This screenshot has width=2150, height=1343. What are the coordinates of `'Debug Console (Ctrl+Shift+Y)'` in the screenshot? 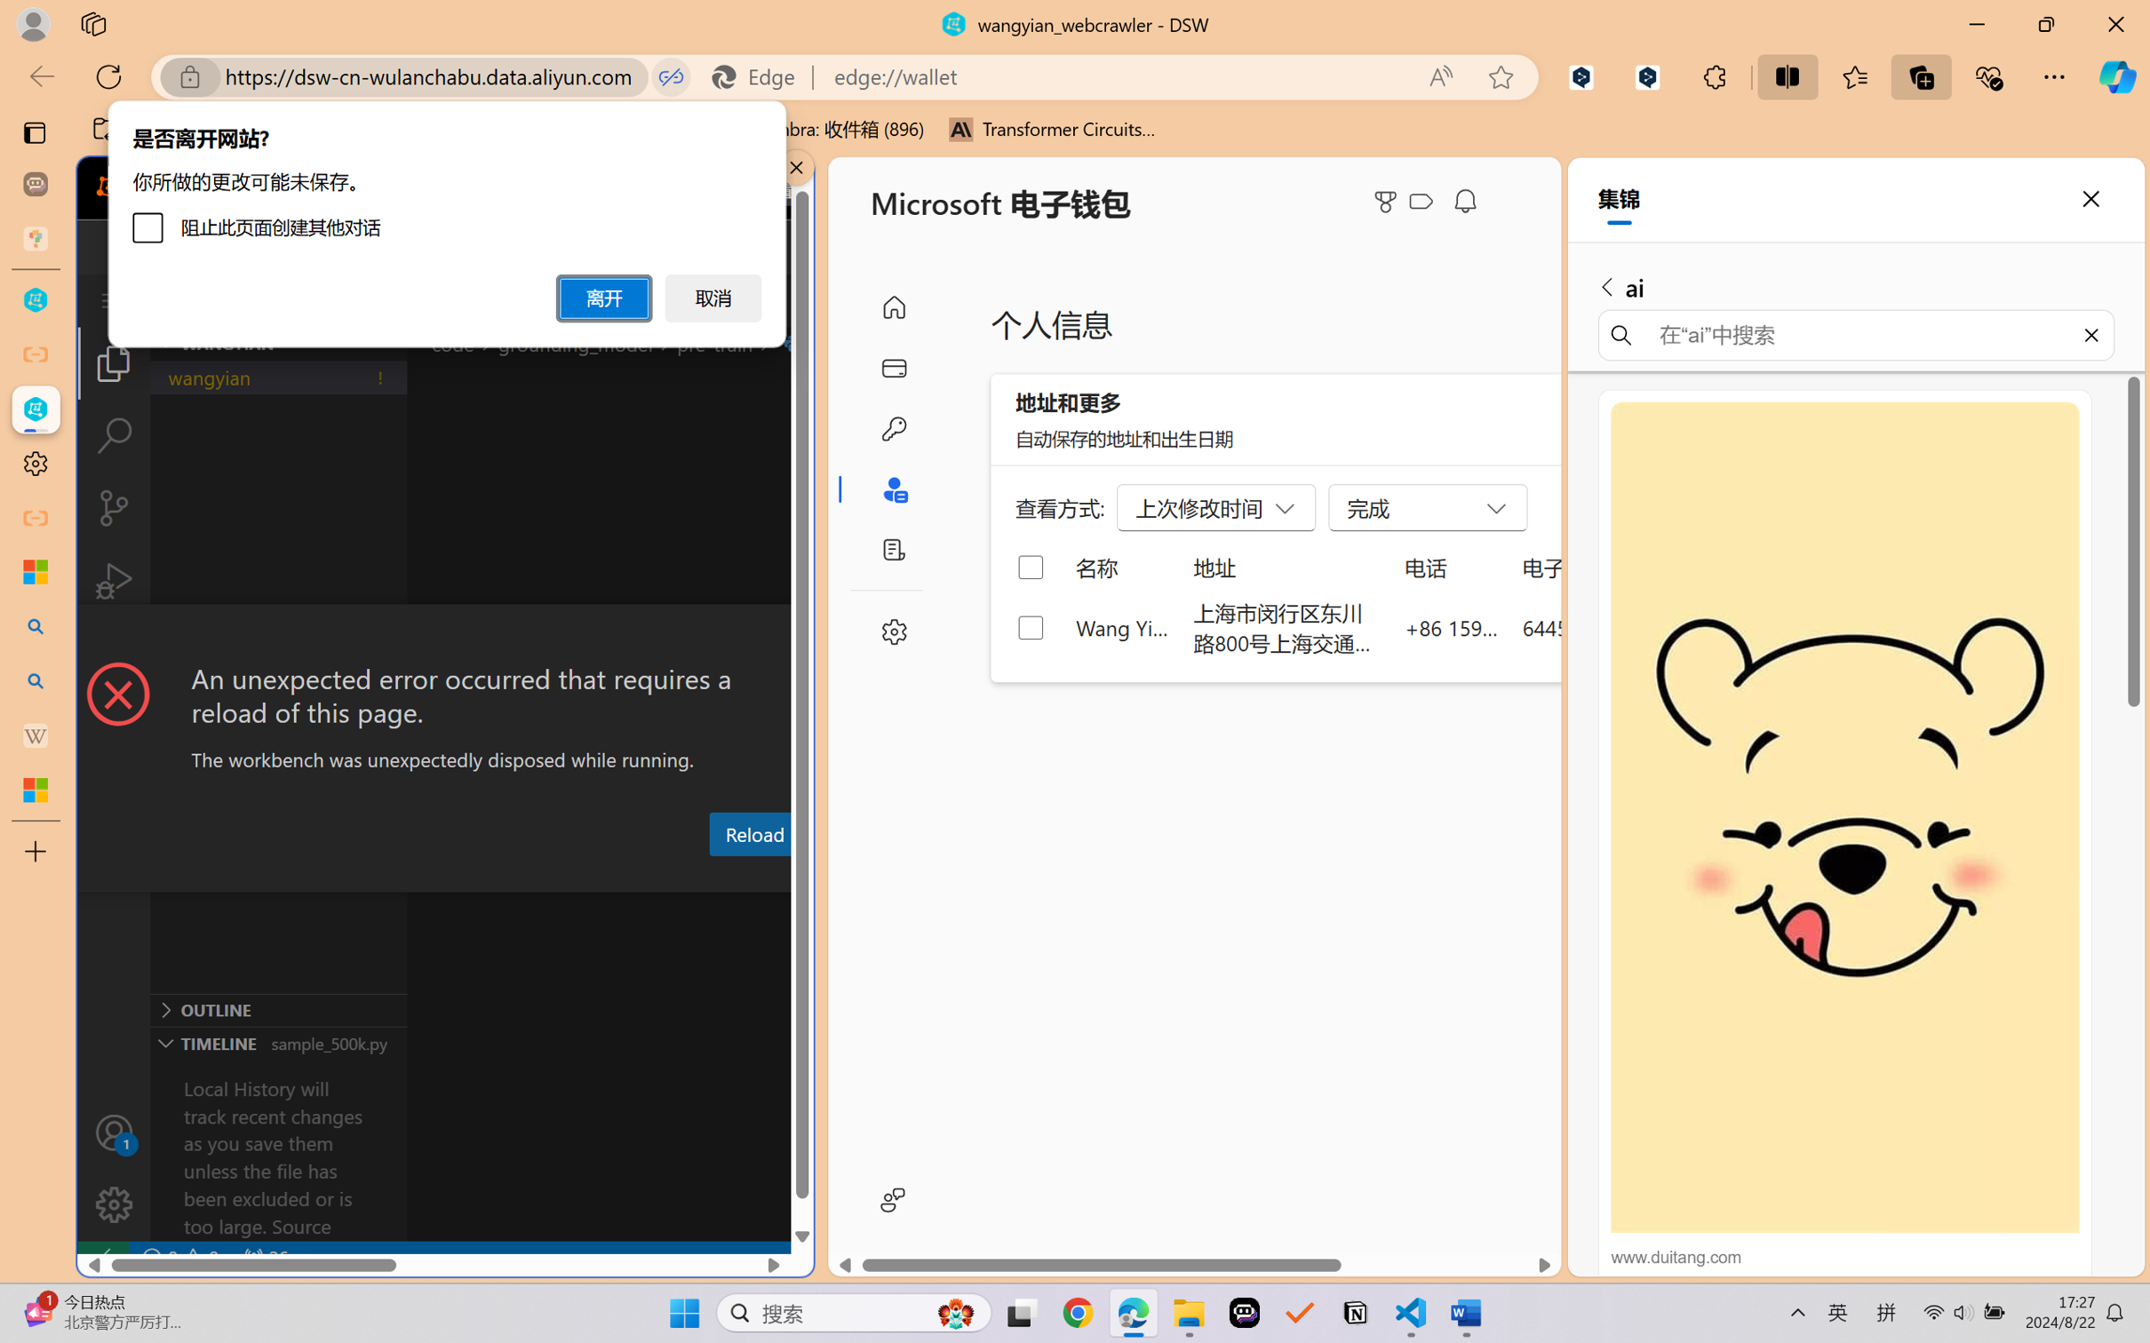 It's located at (717, 876).